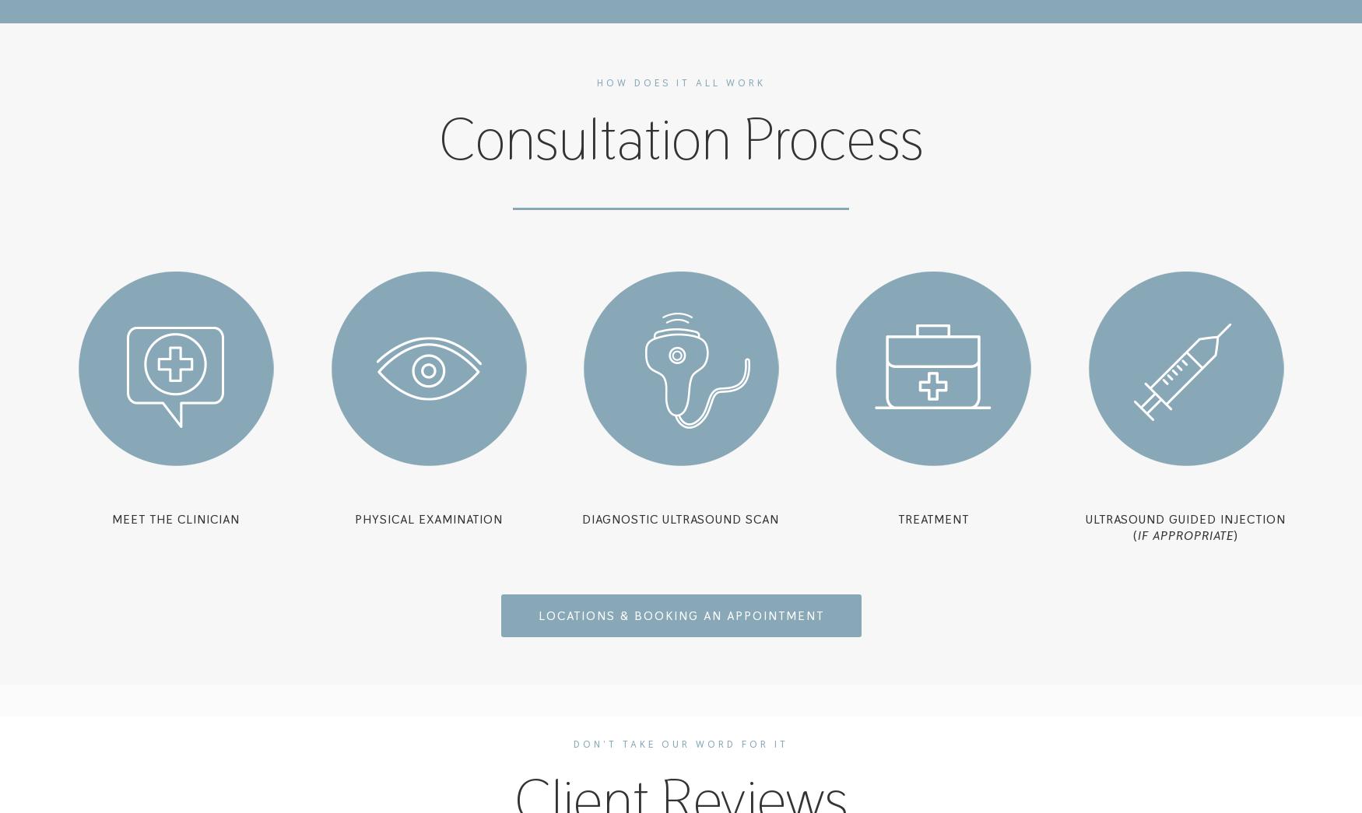  I want to click on 'Consultation Process', so click(680, 138).